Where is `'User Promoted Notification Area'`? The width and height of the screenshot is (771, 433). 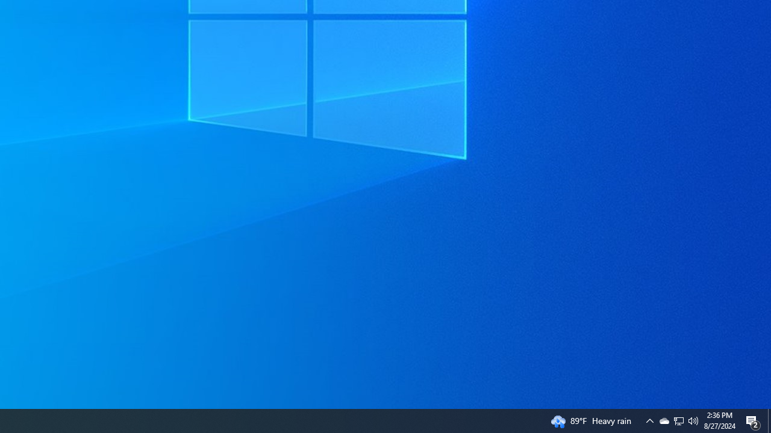
'User Promoted Notification Area' is located at coordinates (693, 420).